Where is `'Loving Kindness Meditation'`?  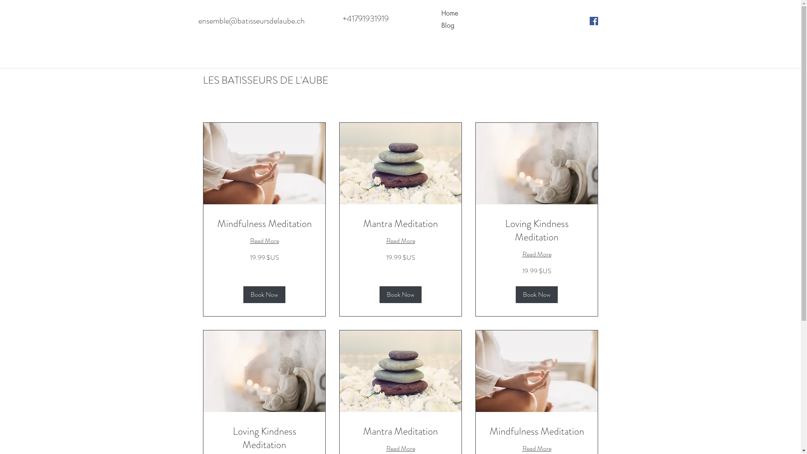
'Loving Kindness Meditation' is located at coordinates (536, 230).